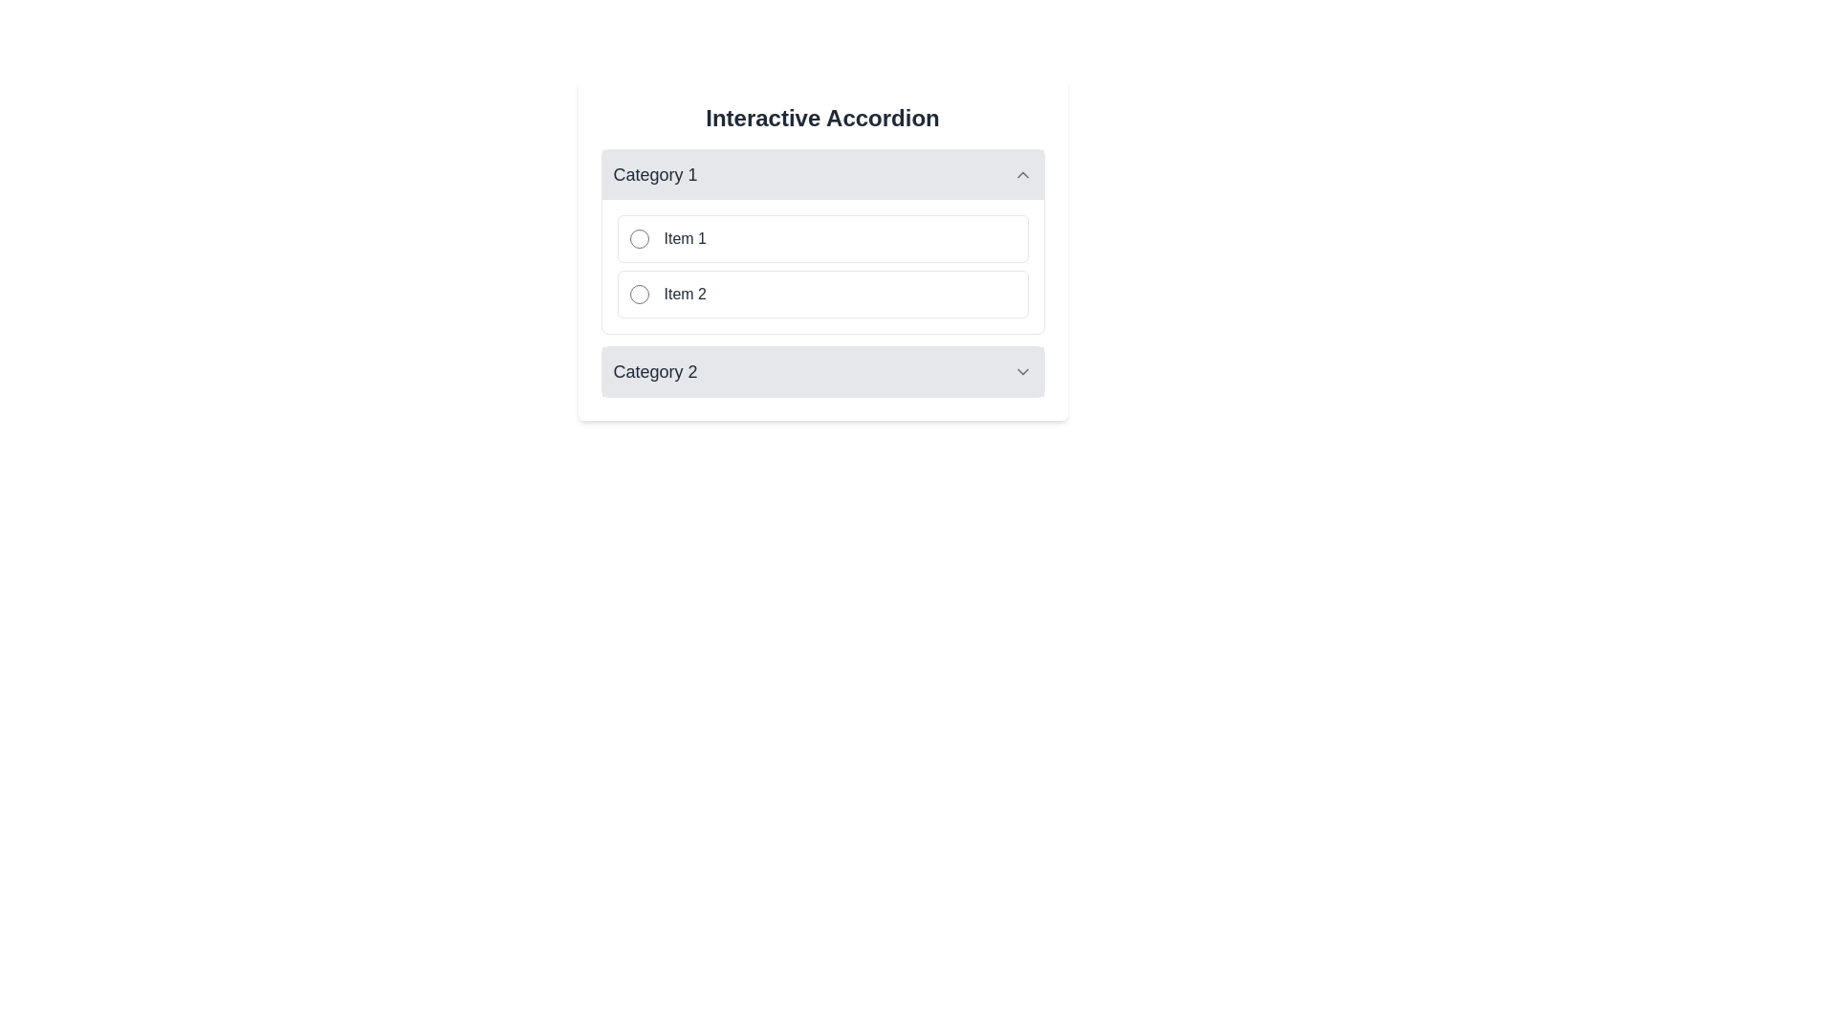 Image resolution: width=1836 pixels, height=1033 pixels. Describe the element at coordinates (655, 372) in the screenshot. I see `the Text label indicating 'Category 1' within the collapsible accordion section` at that location.